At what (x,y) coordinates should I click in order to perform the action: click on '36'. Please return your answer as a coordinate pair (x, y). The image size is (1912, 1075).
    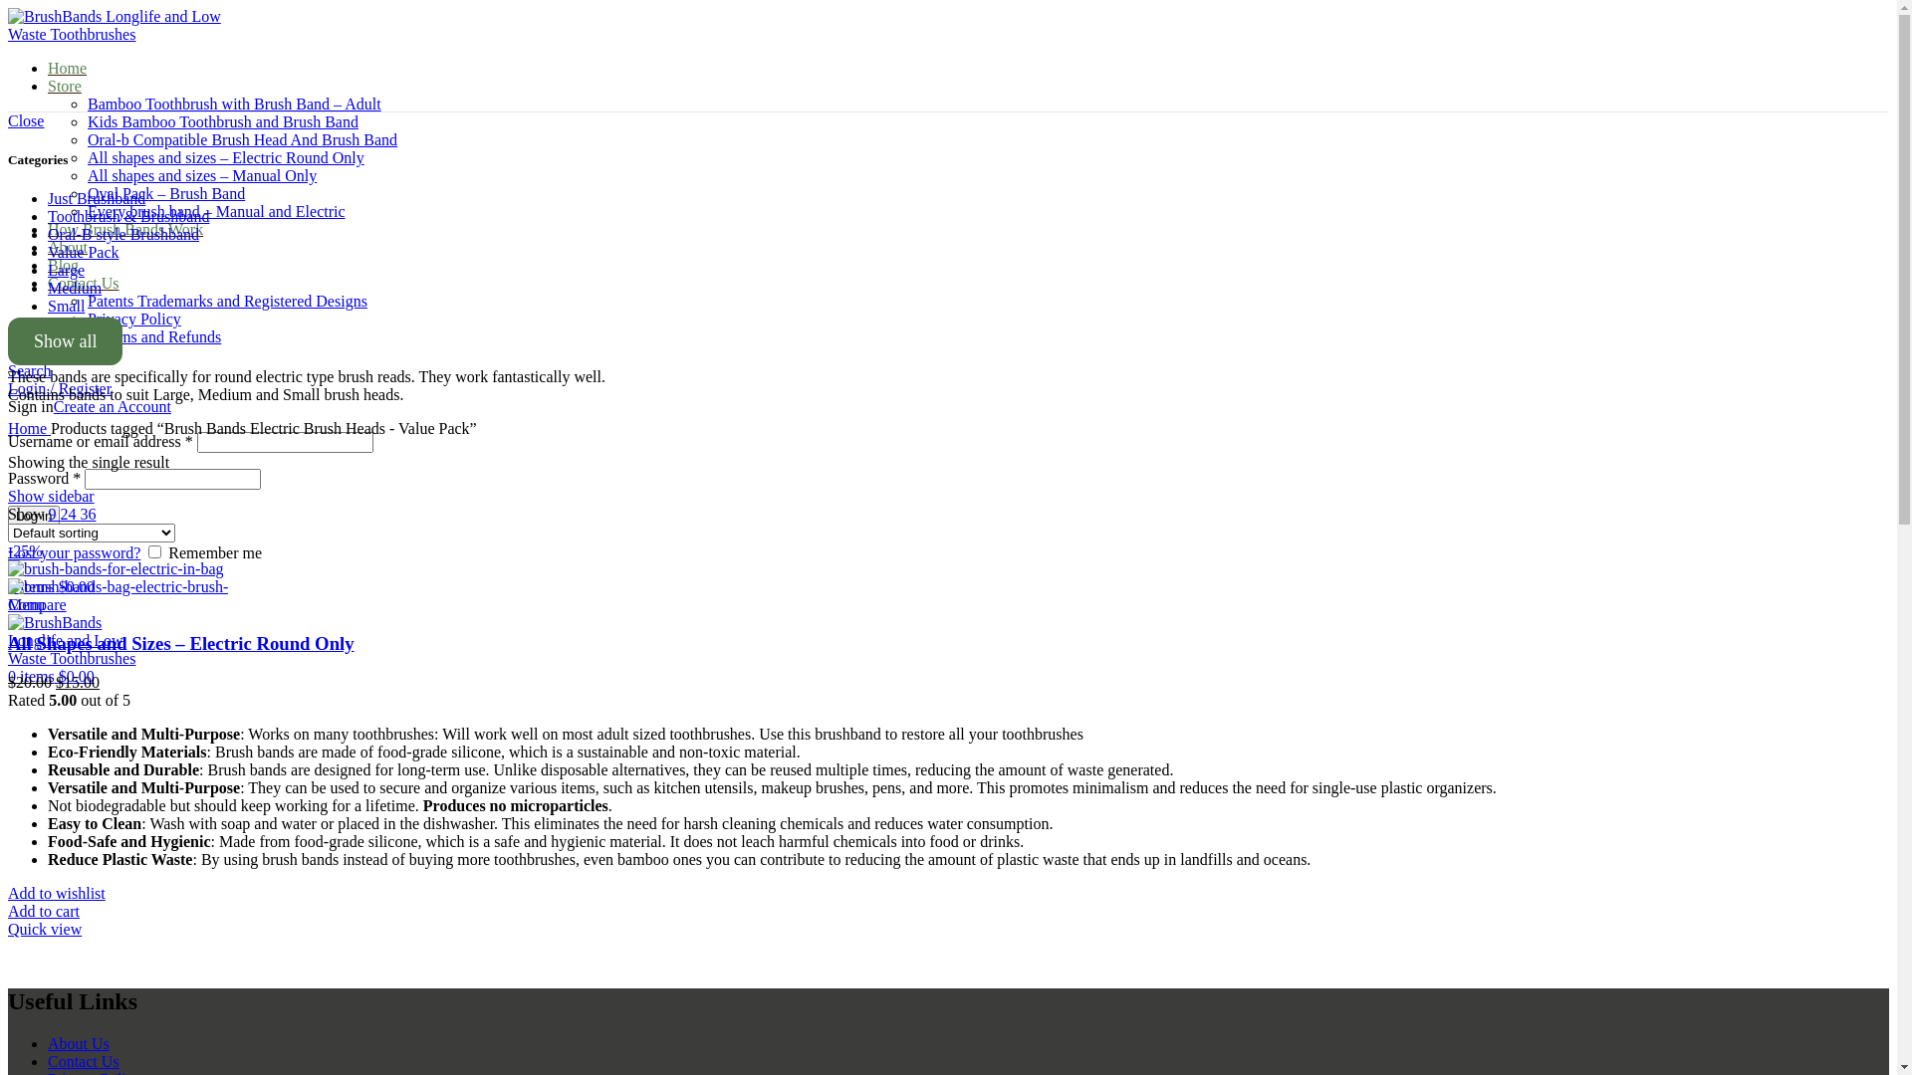
    Looking at the image, I should click on (80, 513).